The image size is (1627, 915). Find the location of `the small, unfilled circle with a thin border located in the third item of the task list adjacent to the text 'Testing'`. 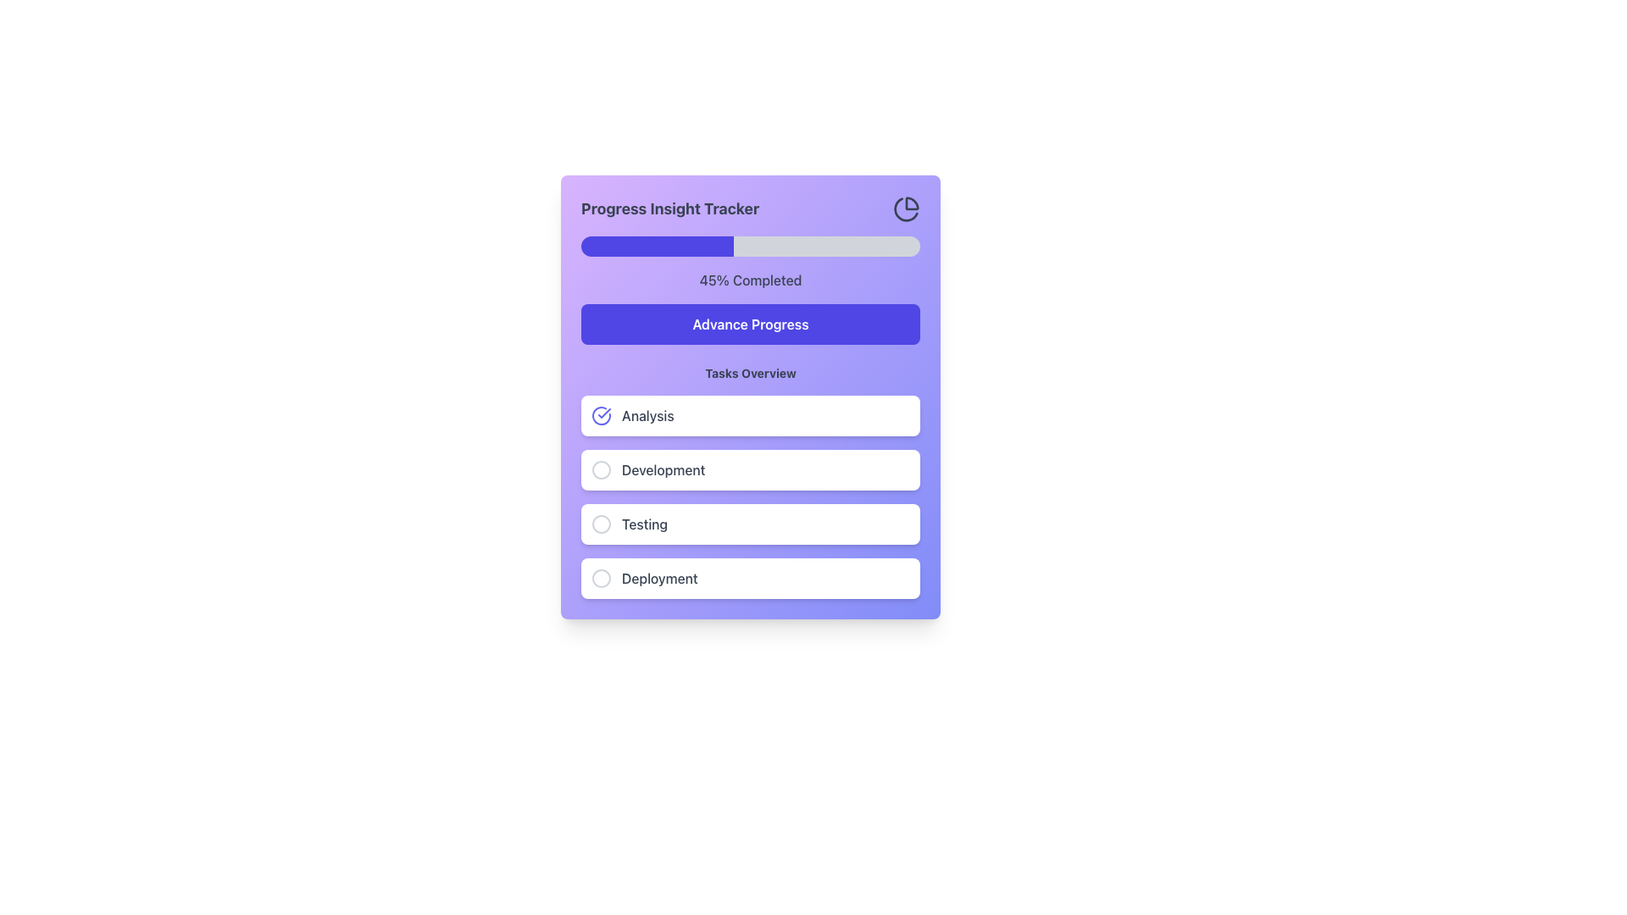

the small, unfilled circle with a thin border located in the third item of the task list adjacent to the text 'Testing' is located at coordinates (602, 523).